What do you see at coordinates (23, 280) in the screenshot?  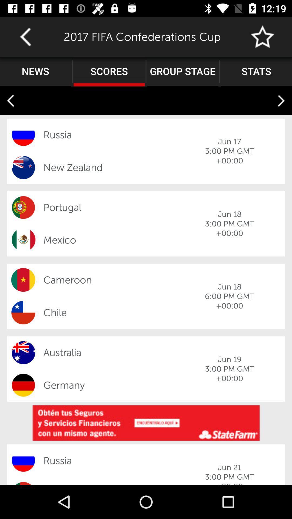 I see `icon left to cameroon` at bounding box center [23, 280].